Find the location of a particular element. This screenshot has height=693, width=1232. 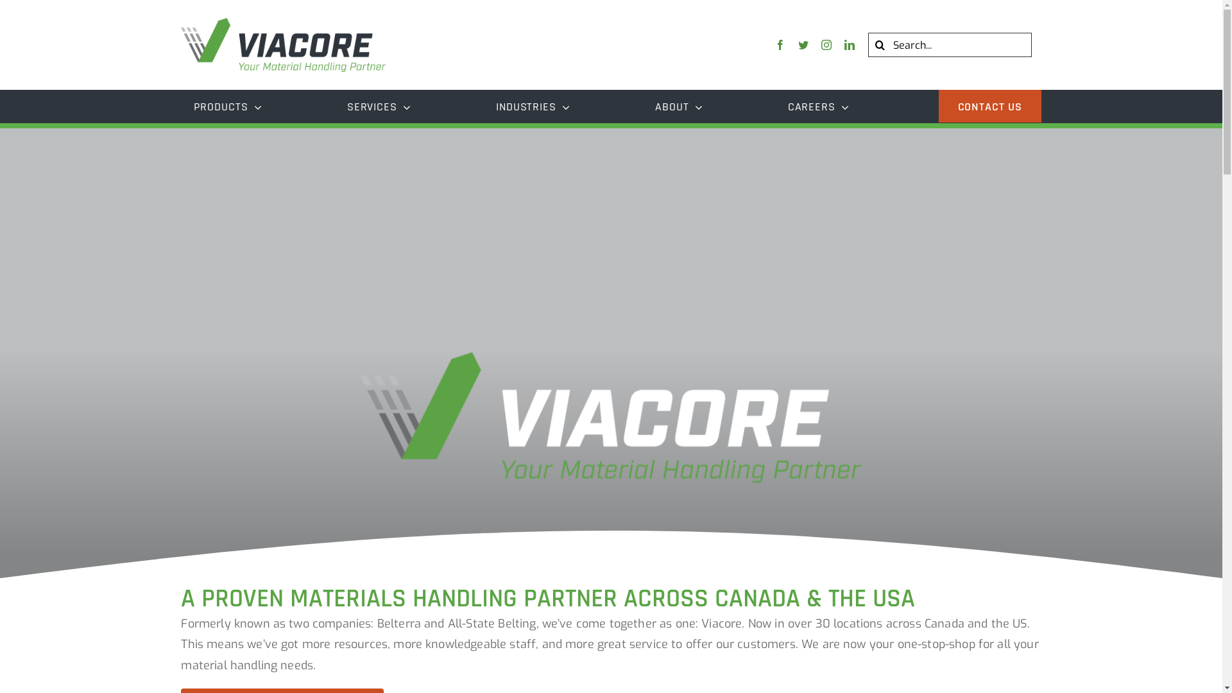

'LinkedIn' is located at coordinates (850, 44).